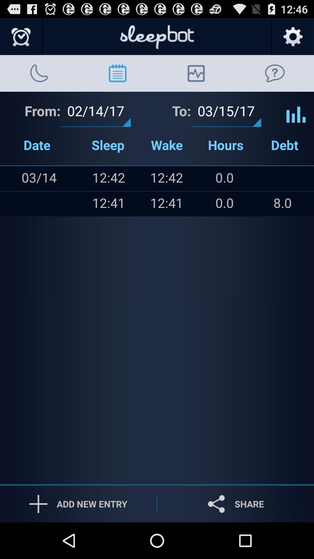  What do you see at coordinates (12, 178) in the screenshot?
I see `the item above the   icon` at bounding box center [12, 178].